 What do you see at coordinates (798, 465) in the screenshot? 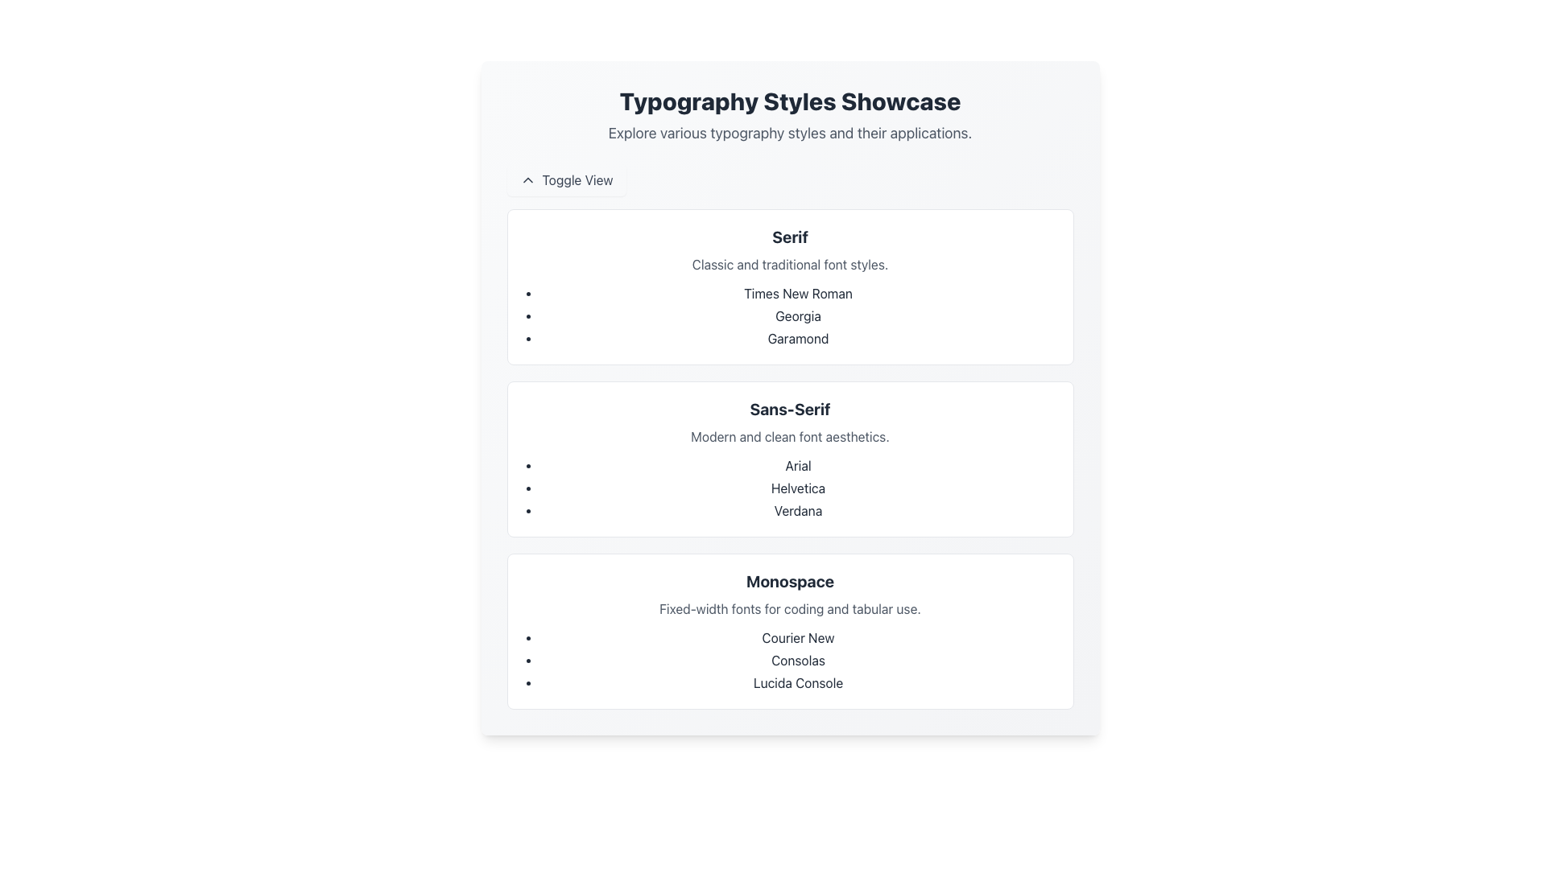
I see `text element that displays the word 'Arial', which is styled in gray color and located in the middle panel under the 'Sans-Serif' section, positioned above 'Helvetica' and 'Verdana'` at bounding box center [798, 465].